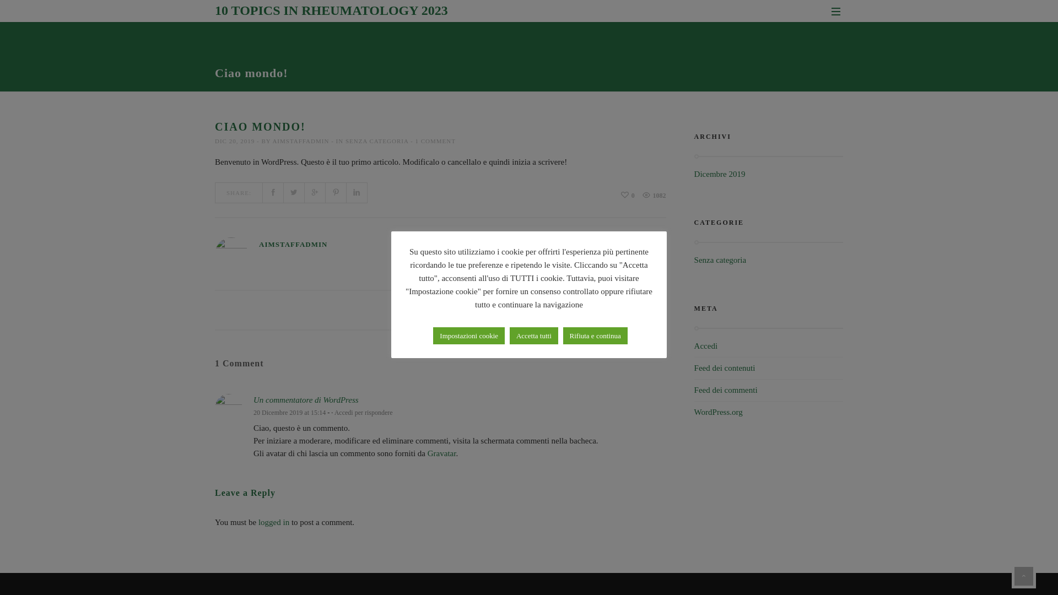 The width and height of the screenshot is (1058, 595). Describe the element at coordinates (706, 345) in the screenshot. I see `'Accedi'` at that location.